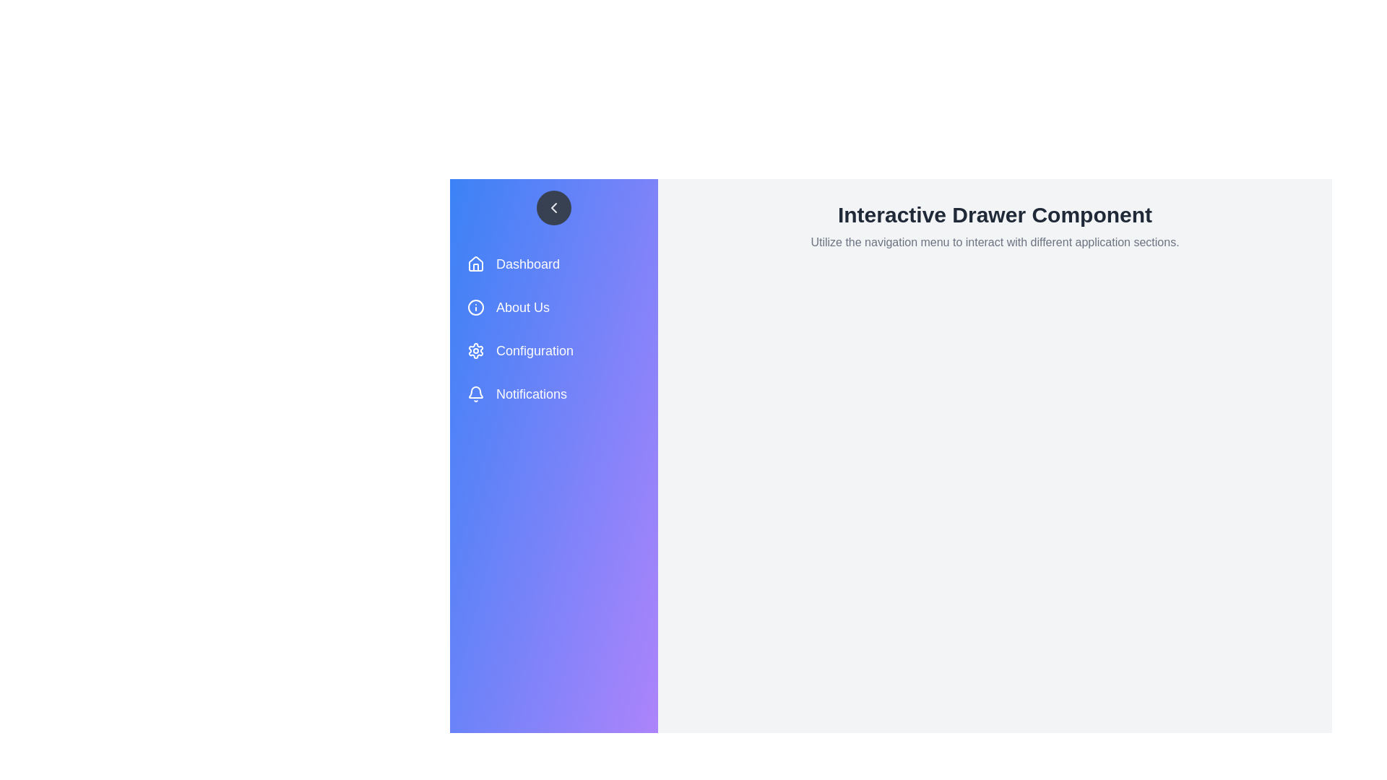 The width and height of the screenshot is (1387, 780). What do you see at coordinates (475, 306) in the screenshot?
I see `the circular outline of the SVG icon representing the 'About Us' section in the vertical navigation menu` at bounding box center [475, 306].